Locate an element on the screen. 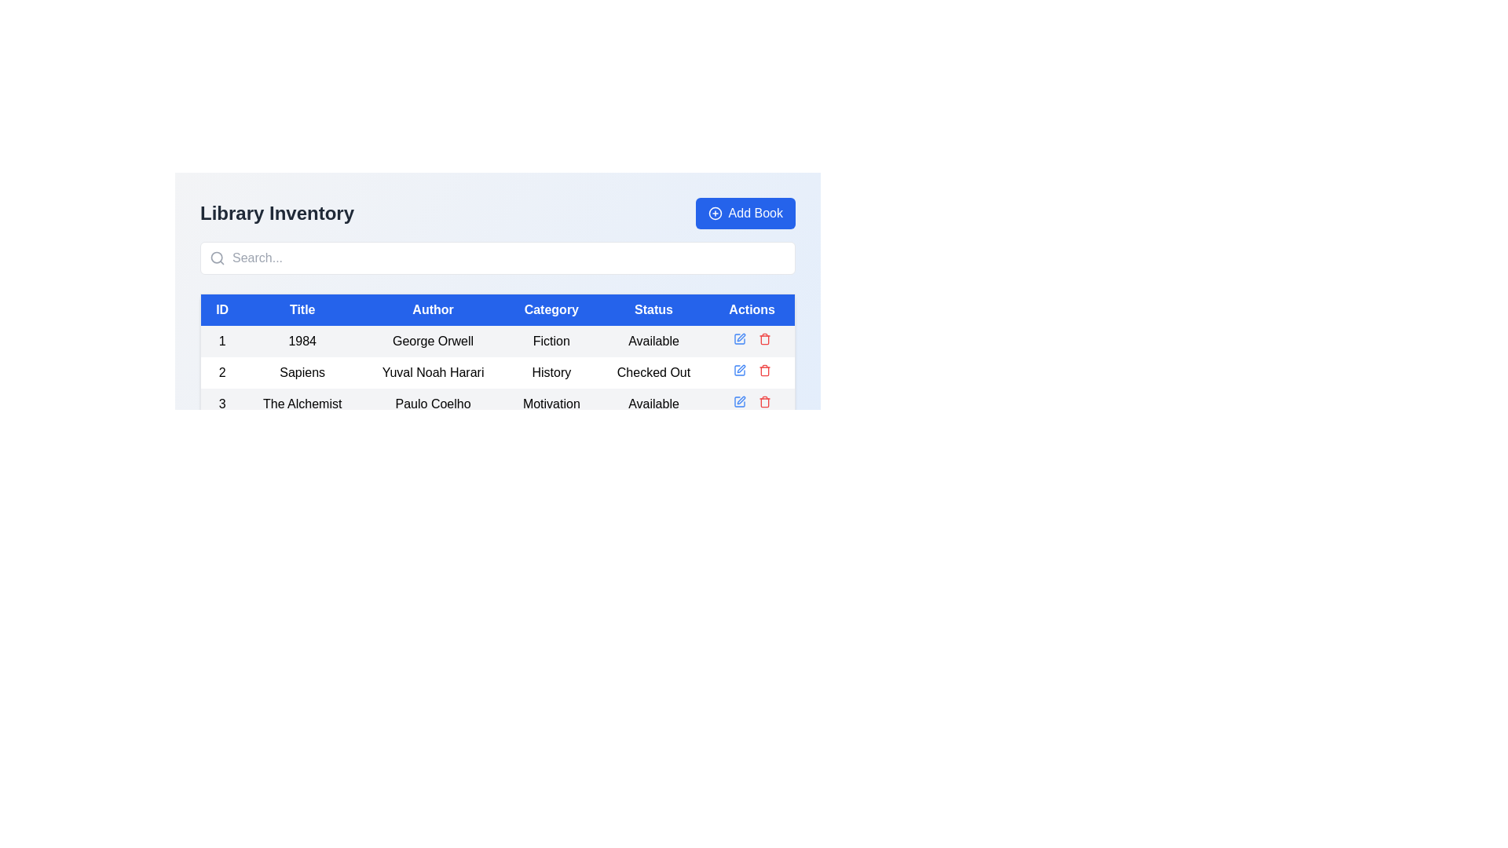 This screenshot has height=848, width=1508. the Text Label in the third row of the table under the 'Category' column, which identifies the genre or classification of the listed item is located at coordinates (551, 404).